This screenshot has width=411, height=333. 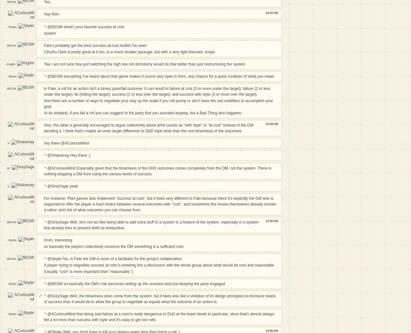 What do you see at coordinates (43, 247) in the screenshot?
I see `'so basically the players collectively convince the DM something is a sufficient cost'` at bounding box center [43, 247].